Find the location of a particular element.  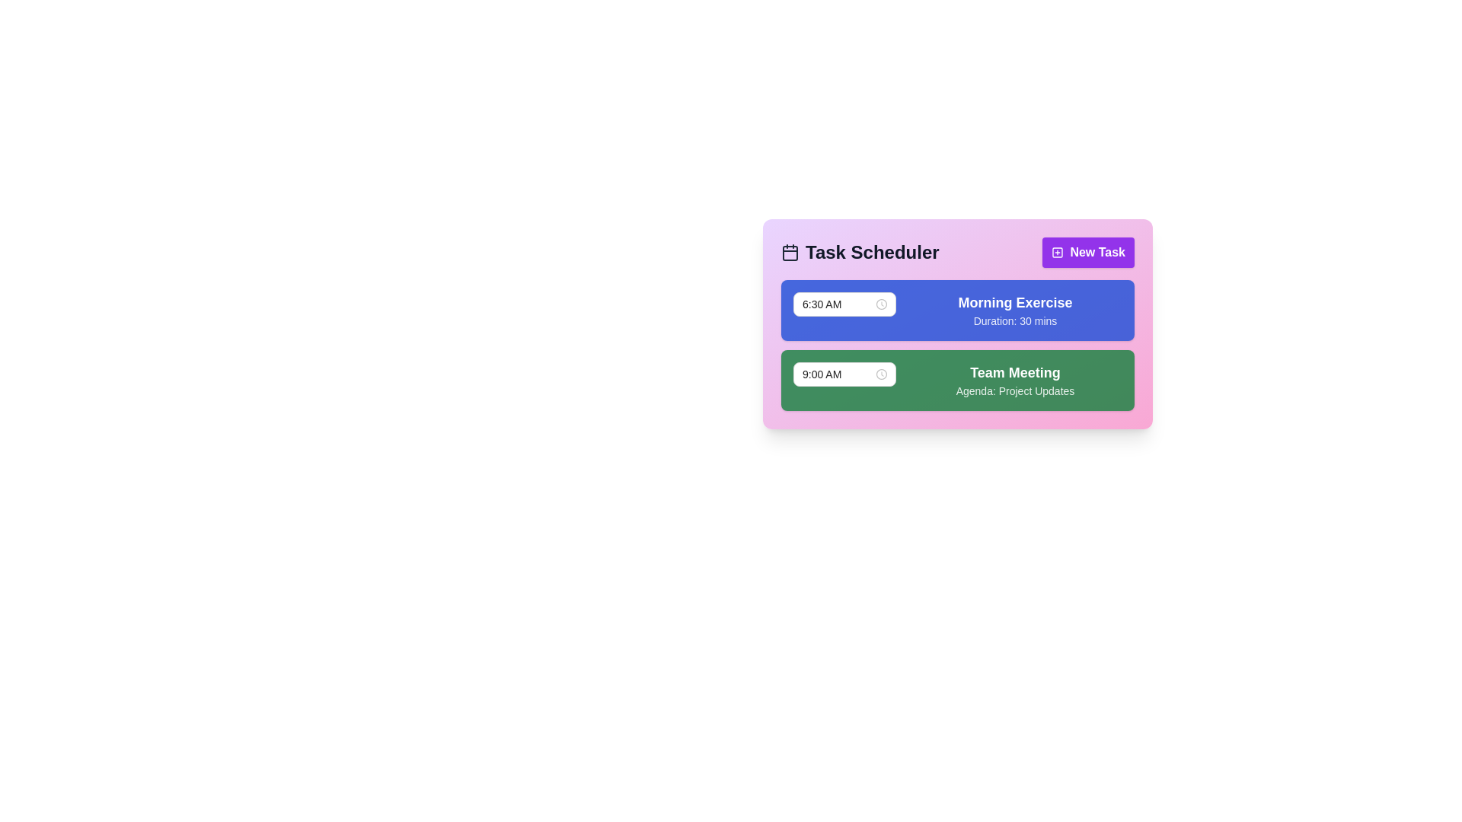

text label displaying 'Agenda: Project Updates' located below 'Team Meeting' in the task scheduler interface is located at coordinates (1015, 390).